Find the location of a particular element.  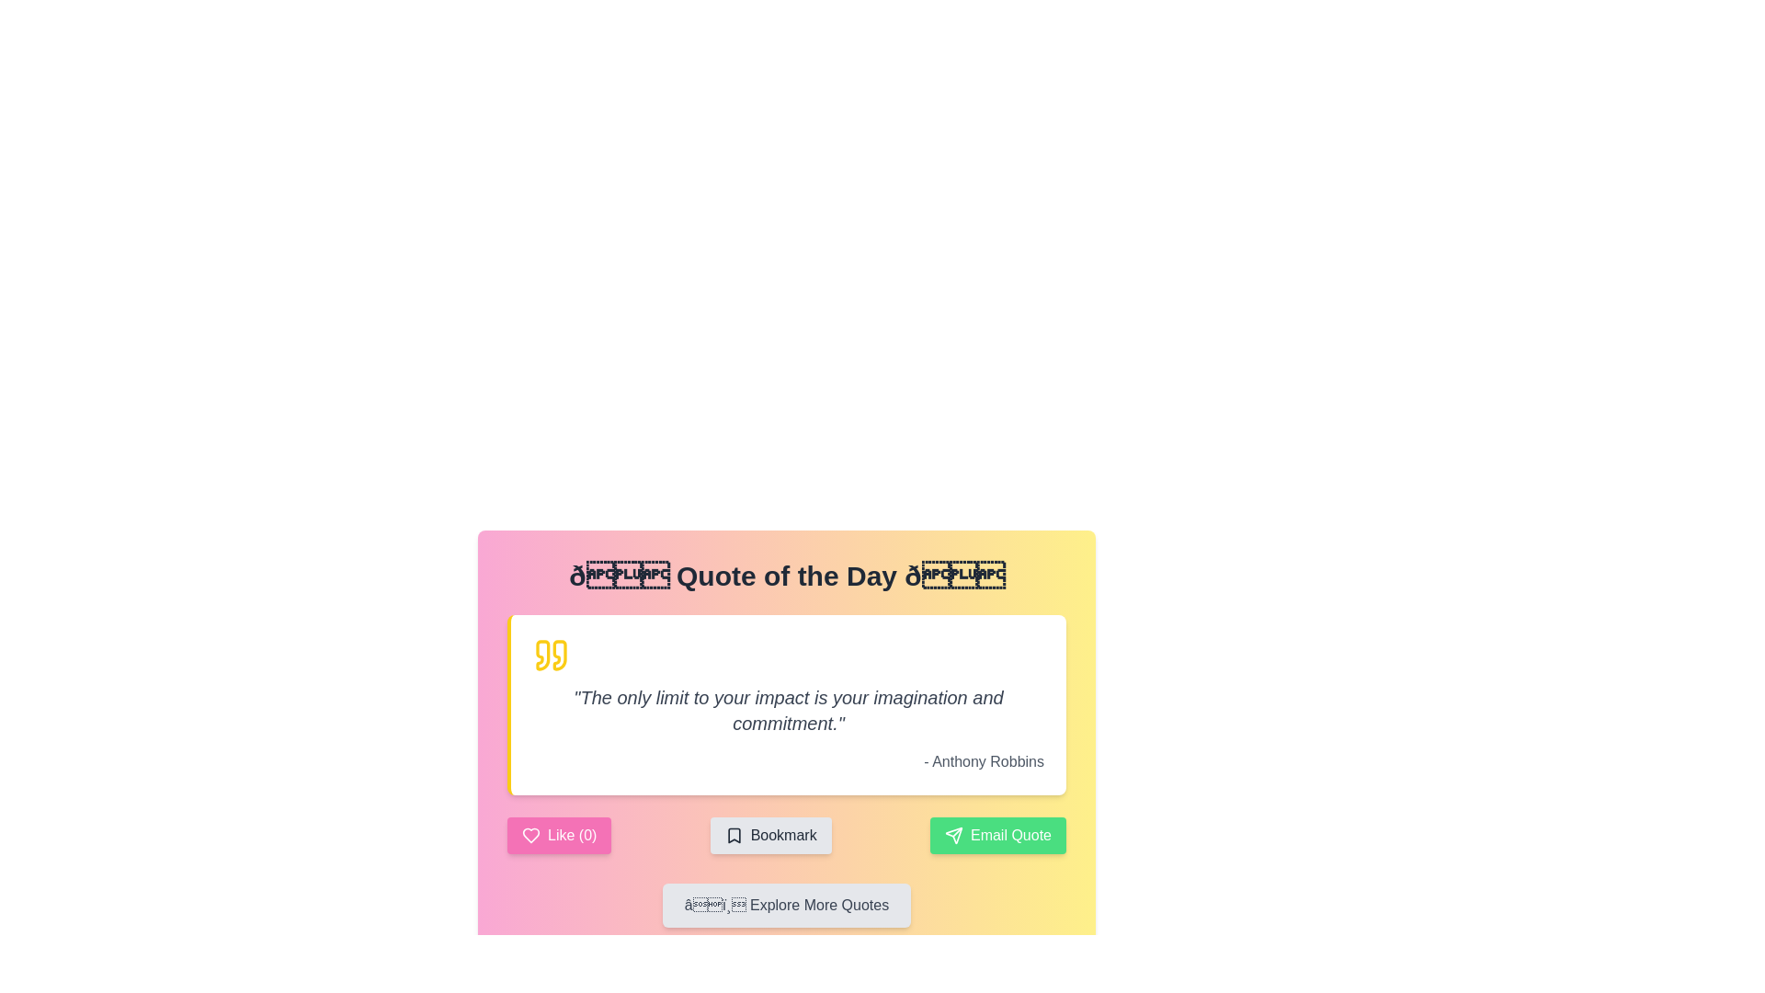

the 'Bookmark' button in the button group located at the bottom of the quote card, which allows users is located at coordinates (786, 836).